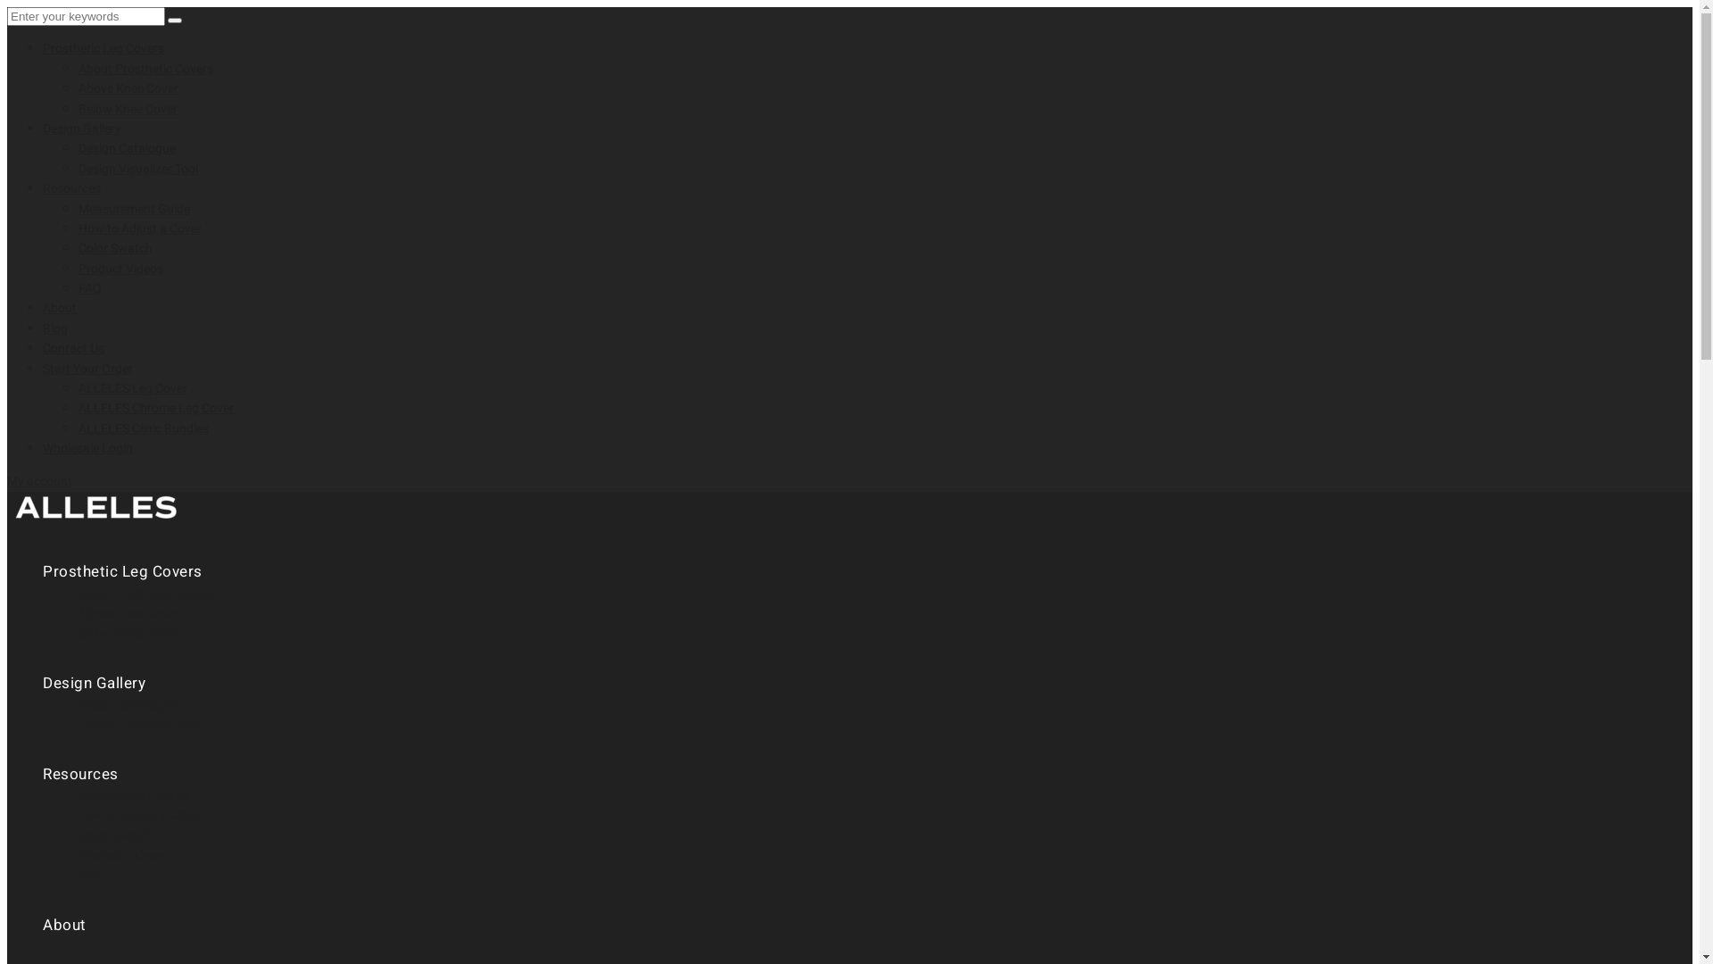 The width and height of the screenshot is (1713, 964). What do you see at coordinates (43, 924) in the screenshot?
I see `'About'` at bounding box center [43, 924].